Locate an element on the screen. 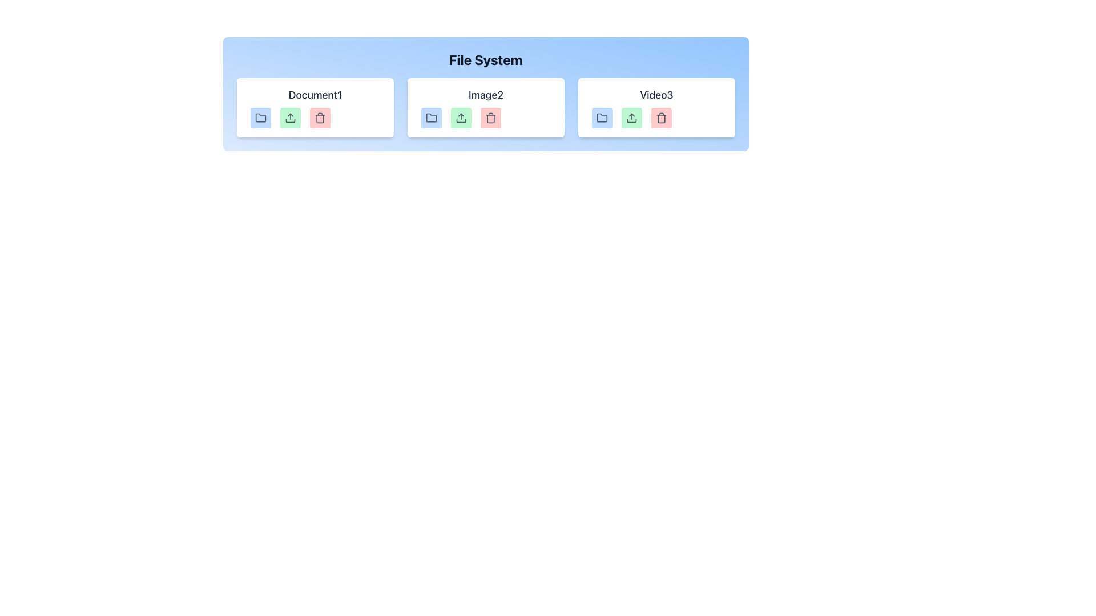 The image size is (1096, 616). the small, gray-colored folder icon with rounded corners located below the text 'Document1' is located at coordinates (260, 118).